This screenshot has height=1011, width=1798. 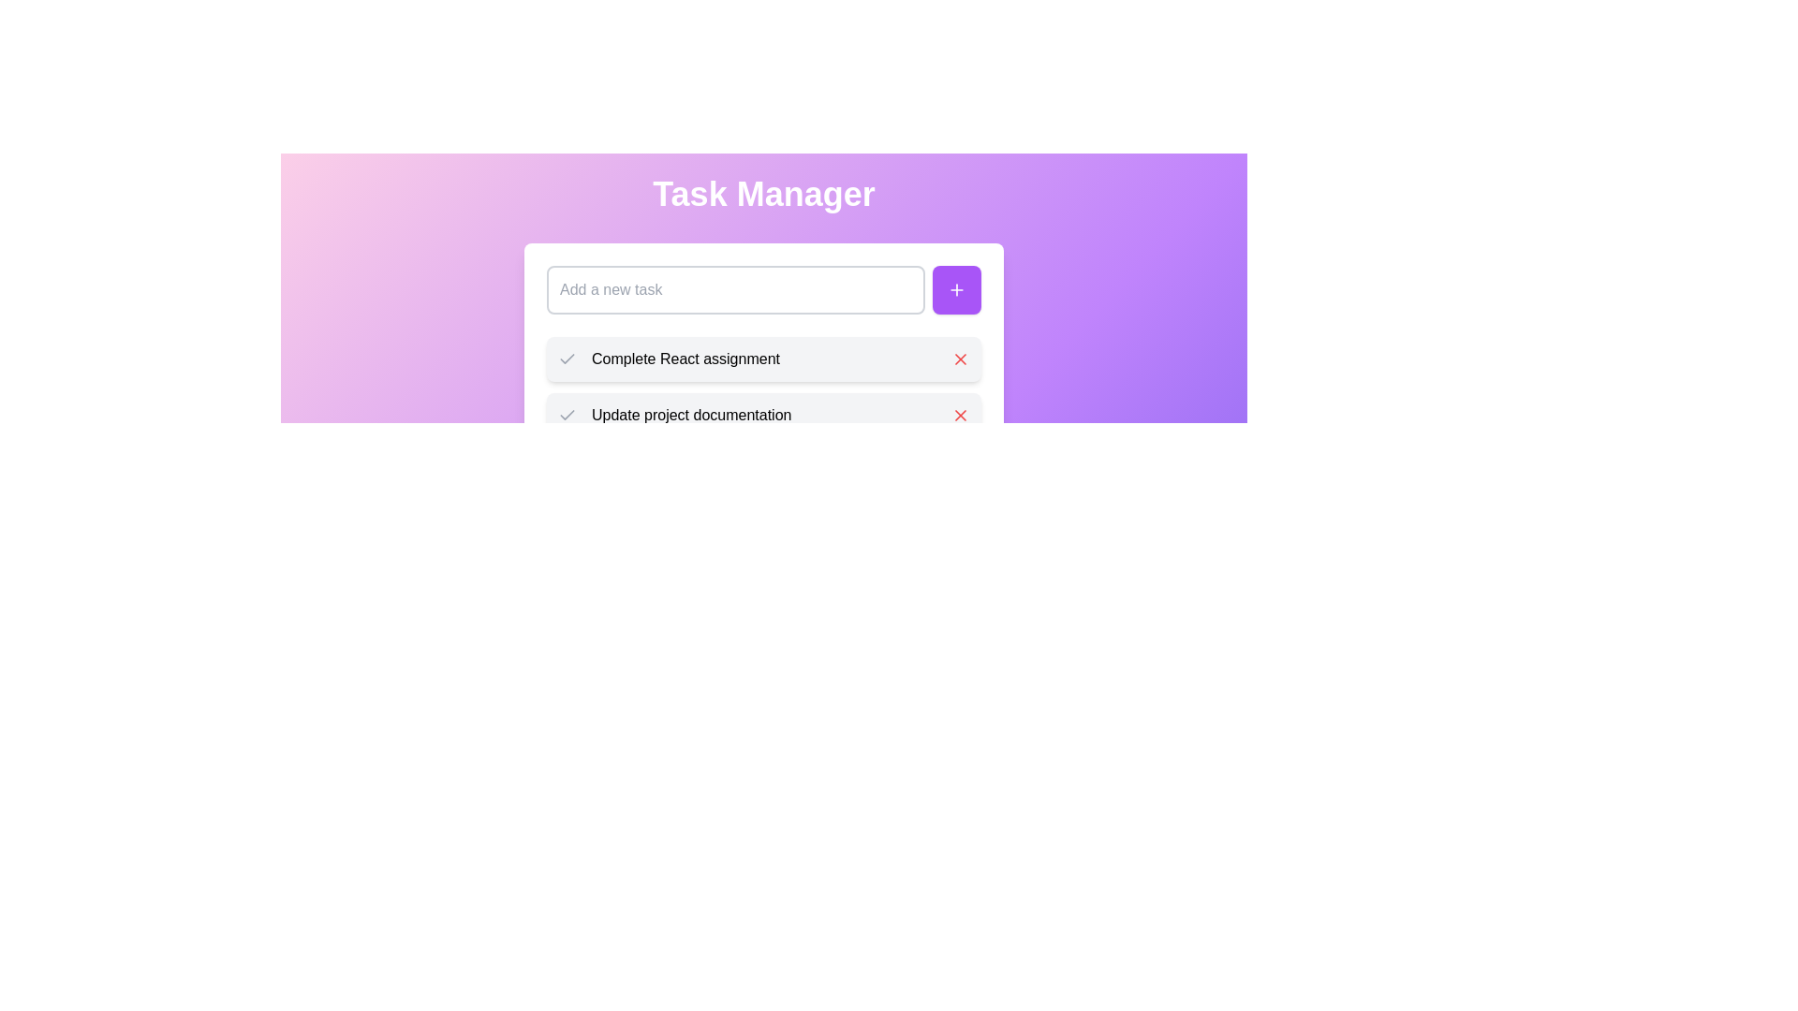 I want to click on the interactive button for adding new tasks, so click(x=957, y=289).